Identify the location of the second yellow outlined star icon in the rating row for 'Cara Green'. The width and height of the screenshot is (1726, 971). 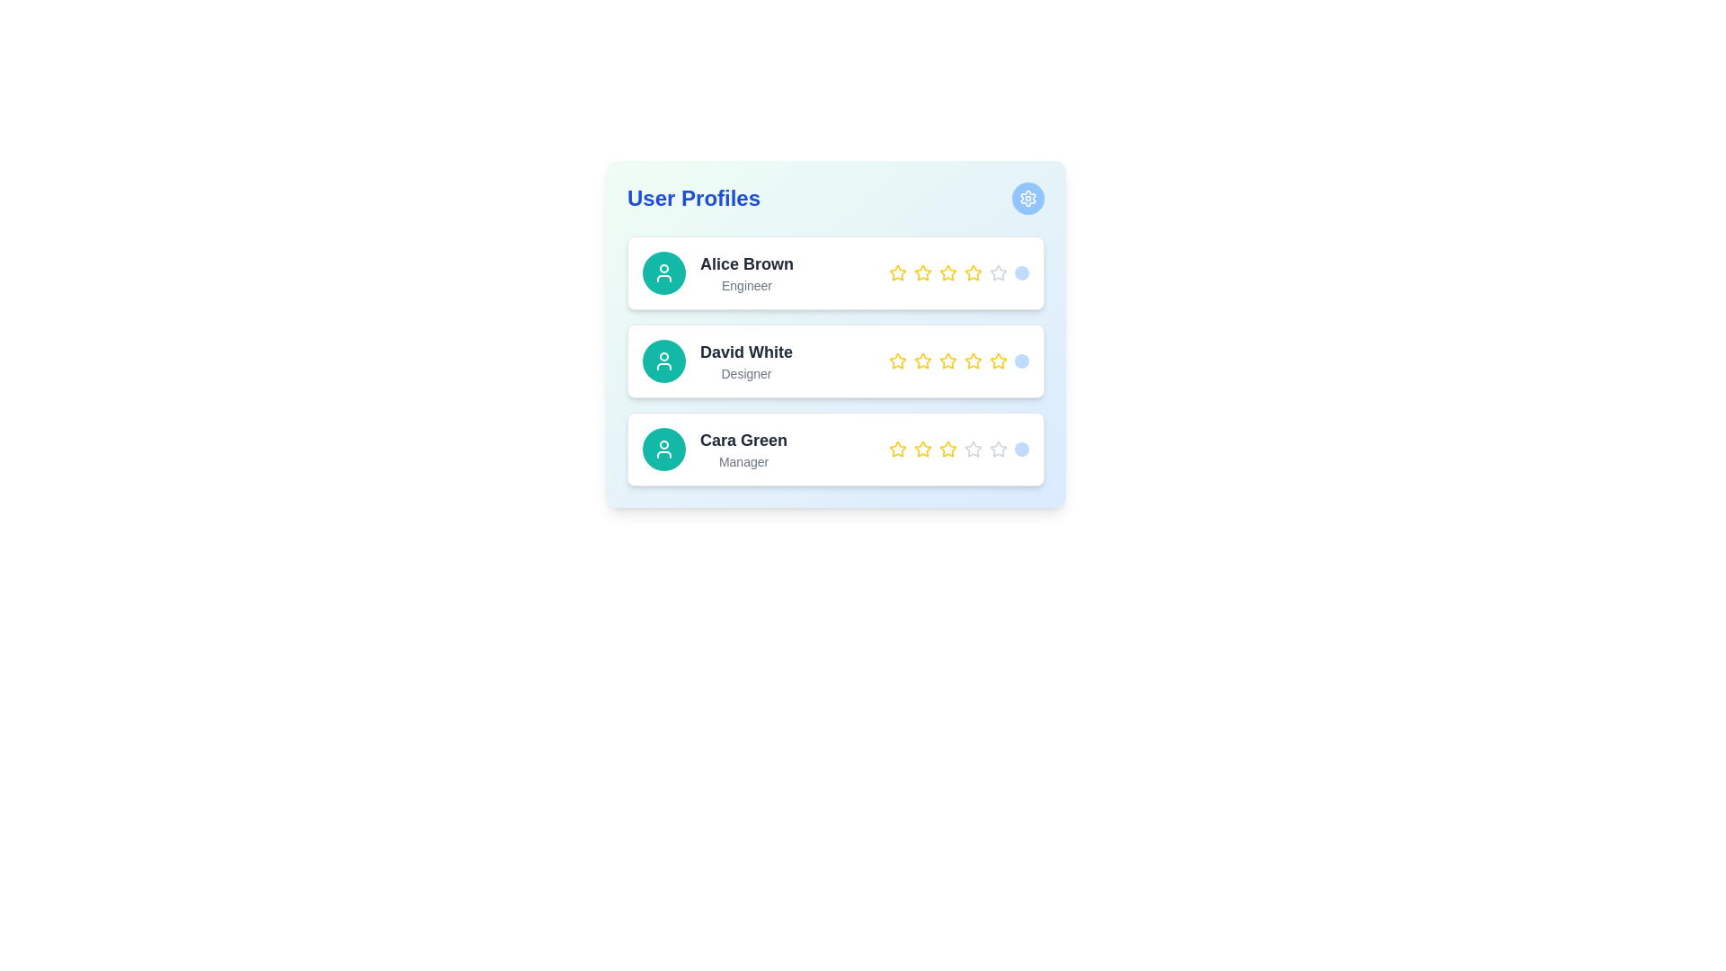
(923, 448).